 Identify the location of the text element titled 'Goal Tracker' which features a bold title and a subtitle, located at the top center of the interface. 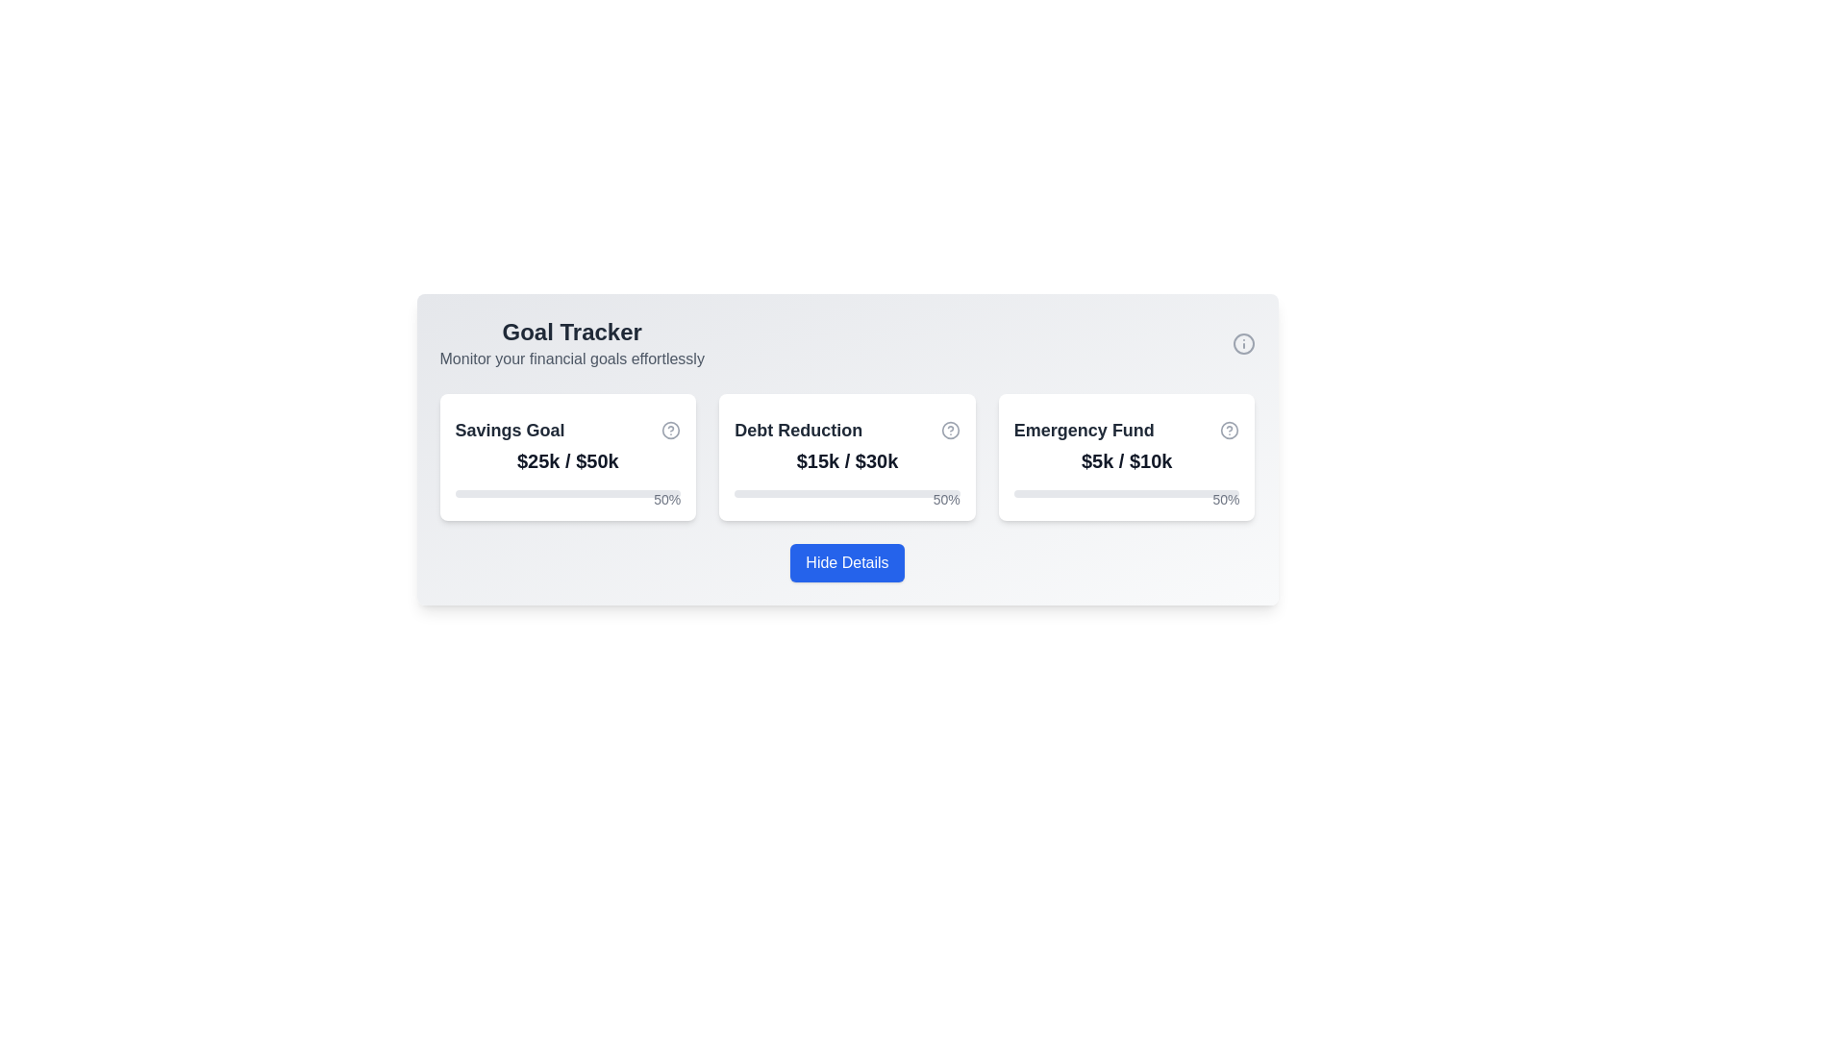
(571, 343).